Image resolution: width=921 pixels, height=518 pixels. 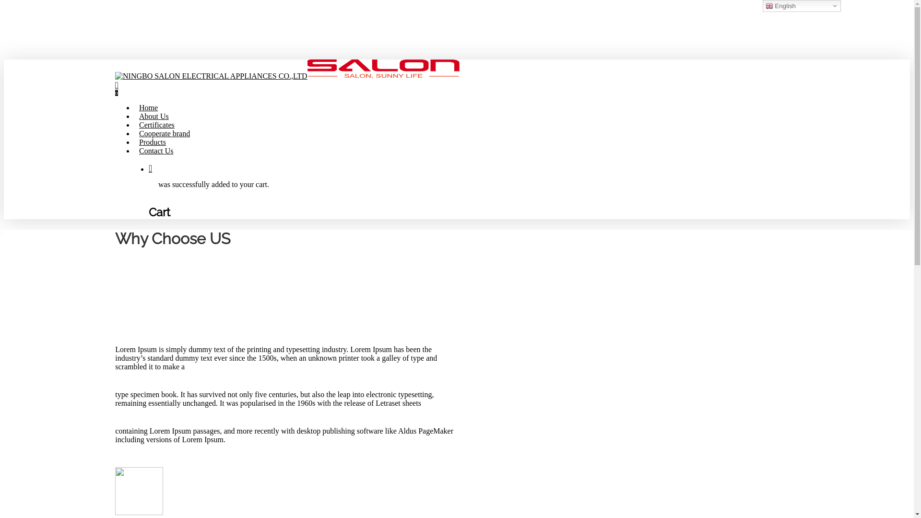 What do you see at coordinates (3, 3) in the screenshot?
I see `'Skip to main content'` at bounding box center [3, 3].